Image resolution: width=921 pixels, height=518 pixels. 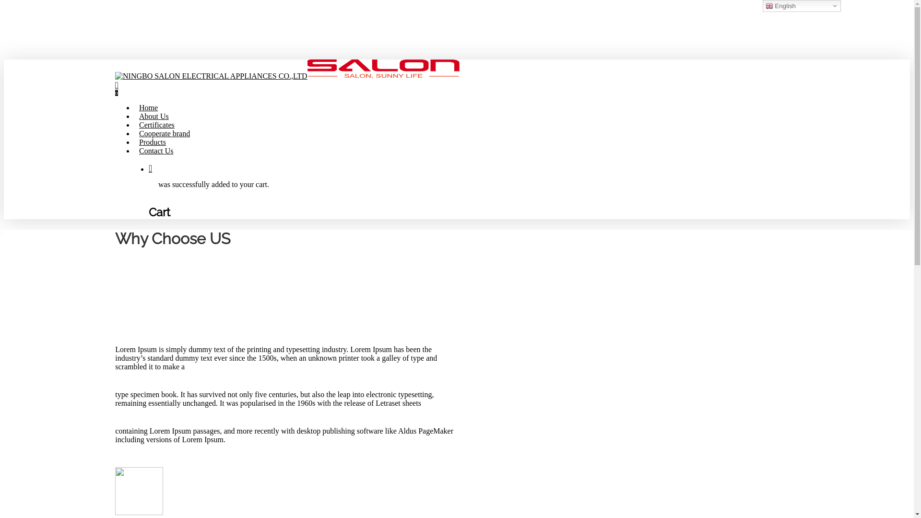 What do you see at coordinates (3, 3) in the screenshot?
I see `'Skip to main content'` at bounding box center [3, 3].